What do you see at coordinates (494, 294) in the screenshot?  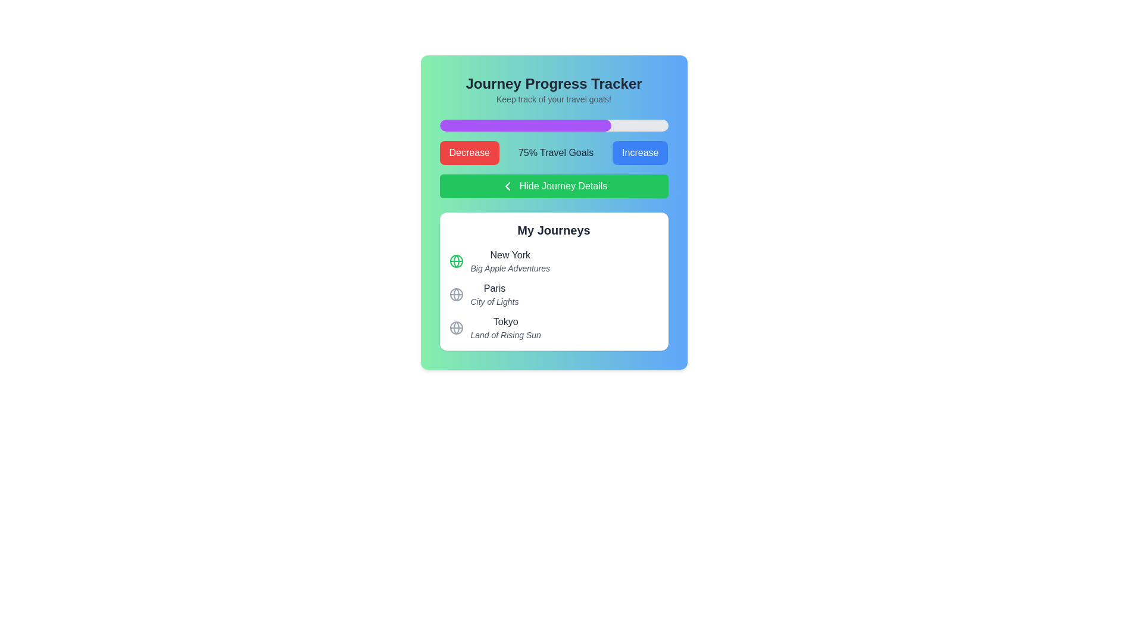 I see `text content of the journey titled 'Paris' with the subtitle 'City of Lights', located in the 'My Journeys' section below 'New York' and above 'Tokyo'` at bounding box center [494, 294].